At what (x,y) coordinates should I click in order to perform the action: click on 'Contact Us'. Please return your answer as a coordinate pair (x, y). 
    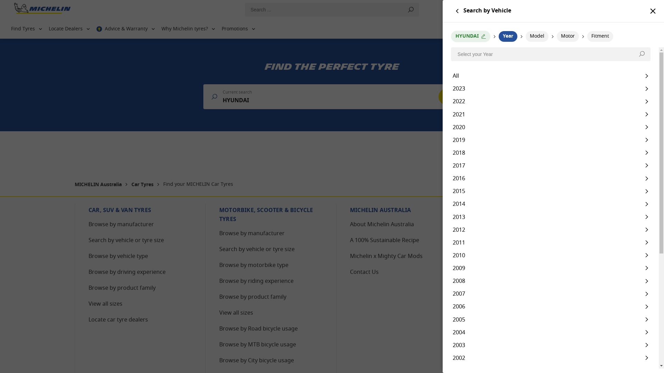
    Looking at the image, I should click on (364, 272).